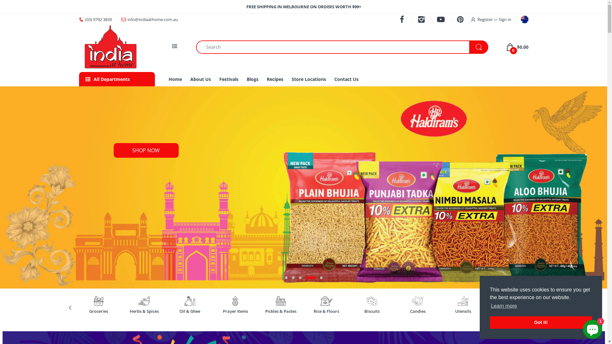 This screenshot has width=612, height=344. Describe the element at coordinates (592, 328) in the screenshot. I see `'Shopify online store chat'` at that location.